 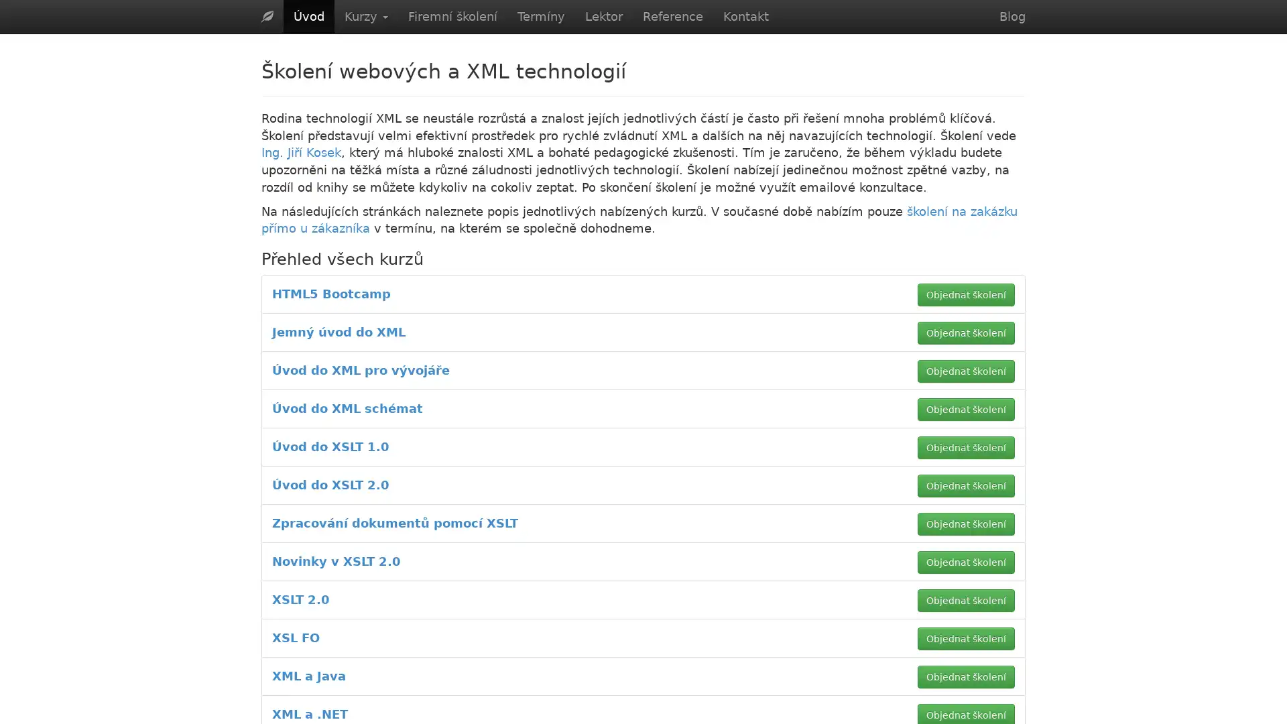 I want to click on Objednat skoleni, so click(x=966, y=562).